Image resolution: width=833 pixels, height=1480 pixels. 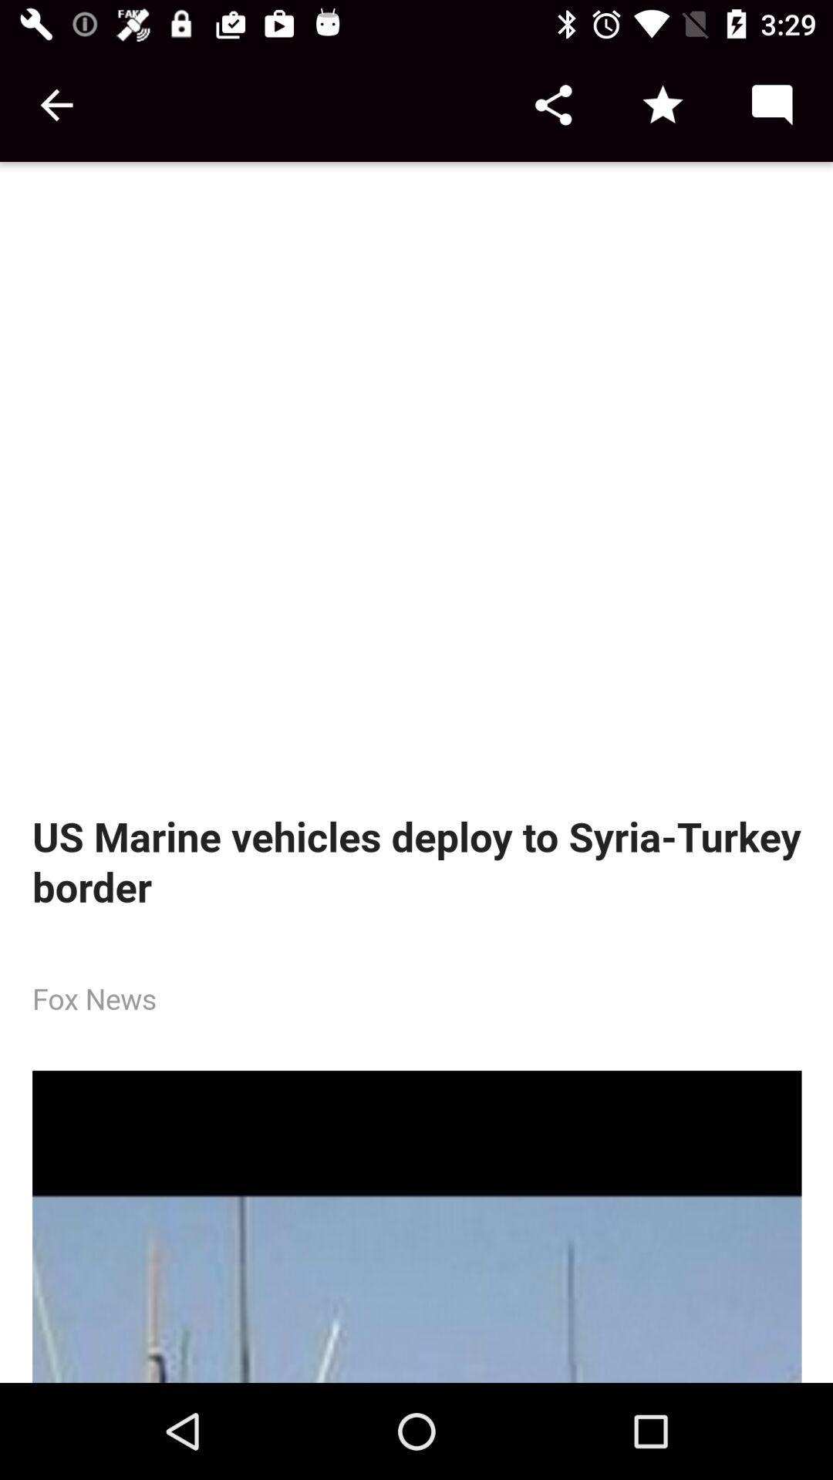 I want to click on share option, so click(x=552, y=104).